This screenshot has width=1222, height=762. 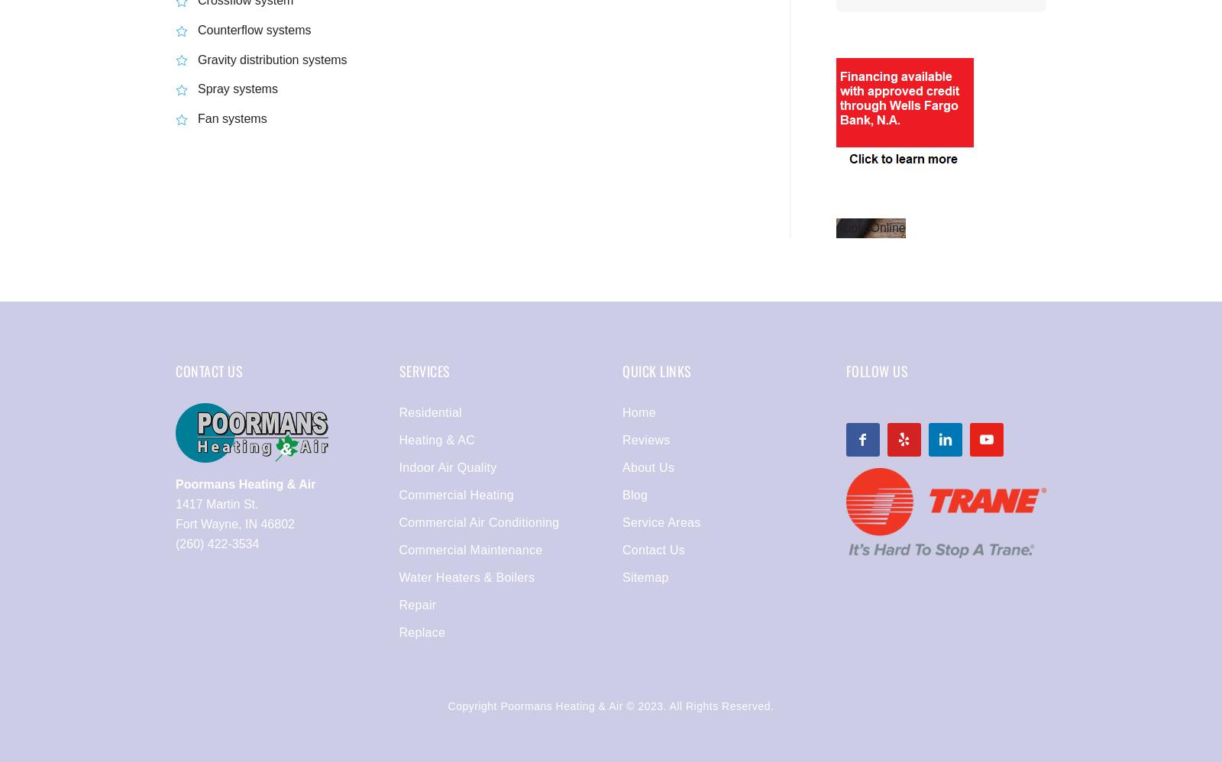 What do you see at coordinates (661, 521) in the screenshot?
I see `'Service Areas'` at bounding box center [661, 521].